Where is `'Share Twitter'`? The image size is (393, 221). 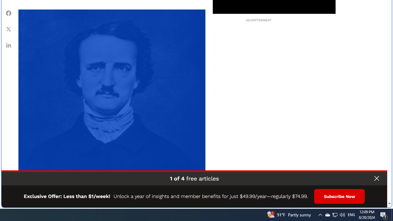
'Share Twitter' is located at coordinates (9, 29).